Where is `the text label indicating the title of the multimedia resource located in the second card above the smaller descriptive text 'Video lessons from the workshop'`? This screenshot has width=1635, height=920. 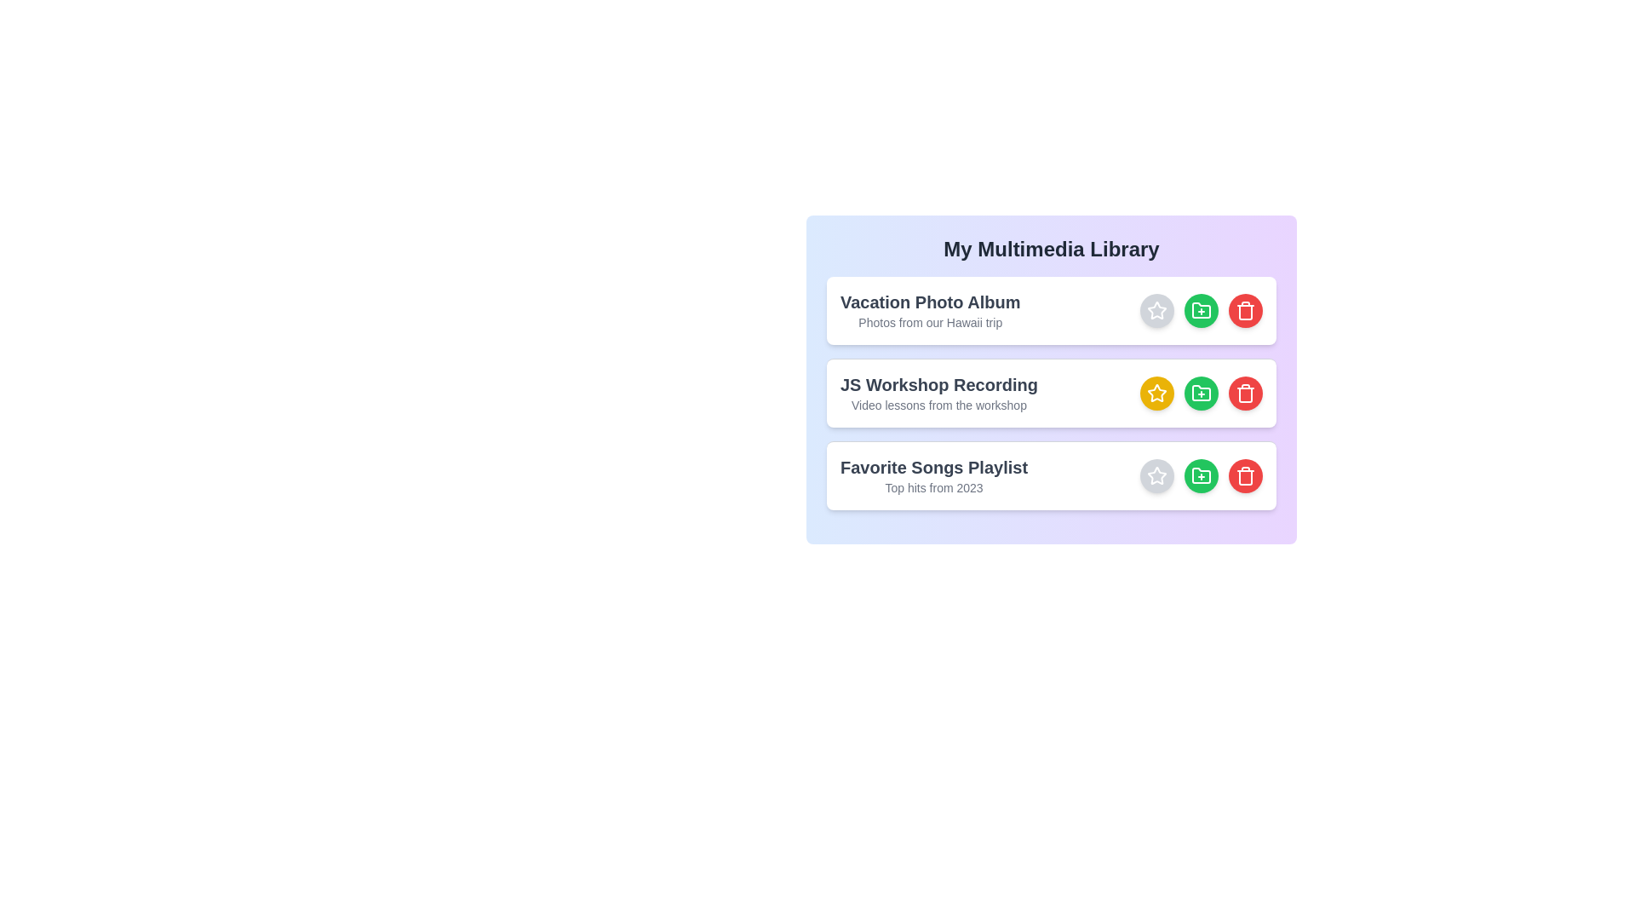 the text label indicating the title of the multimedia resource located in the second card above the smaller descriptive text 'Video lessons from the workshop' is located at coordinates (938, 384).